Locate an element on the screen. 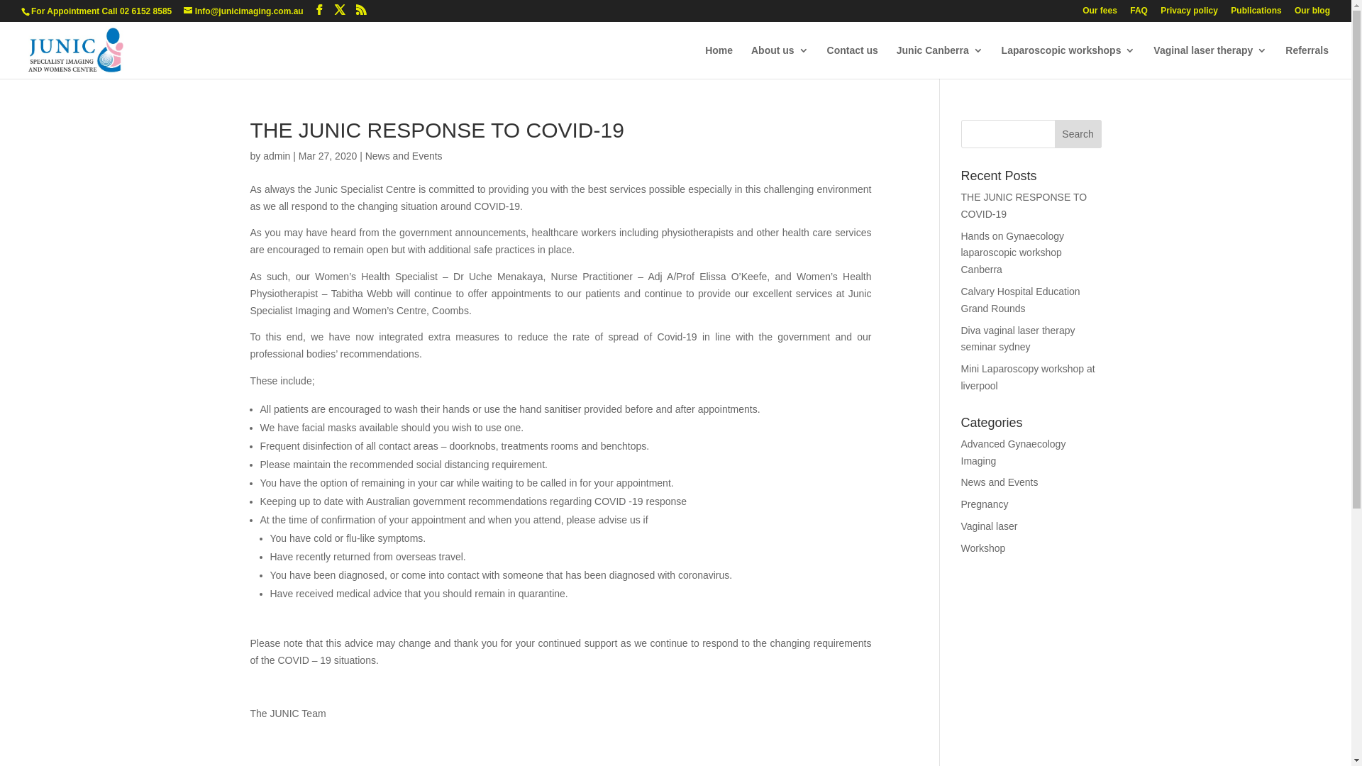 This screenshot has height=766, width=1362. 'News and Events' is located at coordinates (998, 481).